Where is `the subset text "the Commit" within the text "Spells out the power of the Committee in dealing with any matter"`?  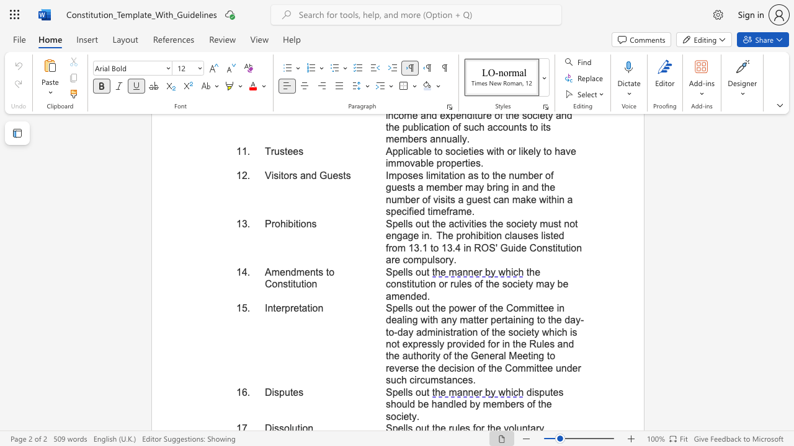 the subset text "the Commit" within the text "Spells out the power of the Committee in dealing with any matter" is located at coordinates (489, 307).